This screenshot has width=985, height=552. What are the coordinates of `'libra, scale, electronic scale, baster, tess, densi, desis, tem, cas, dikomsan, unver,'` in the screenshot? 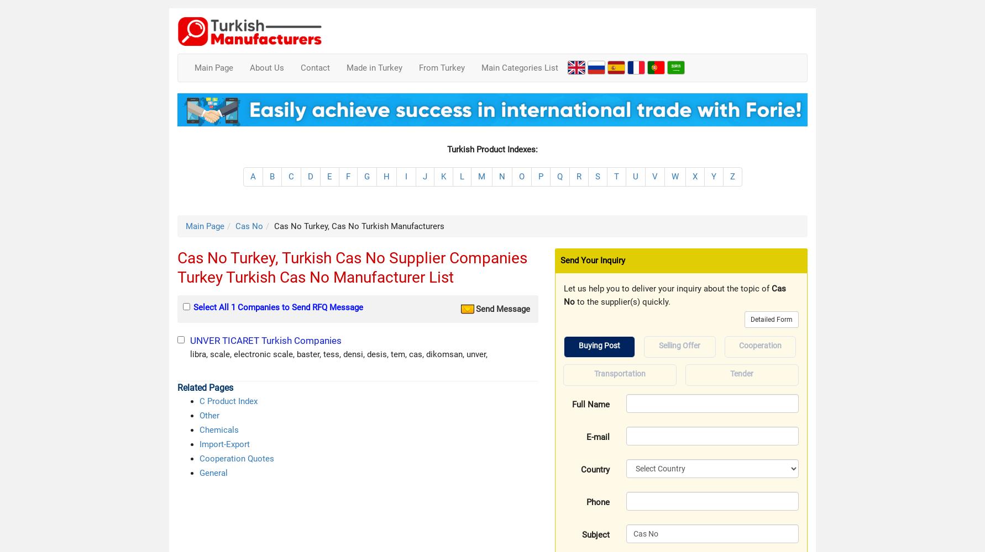 It's located at (339, 354).